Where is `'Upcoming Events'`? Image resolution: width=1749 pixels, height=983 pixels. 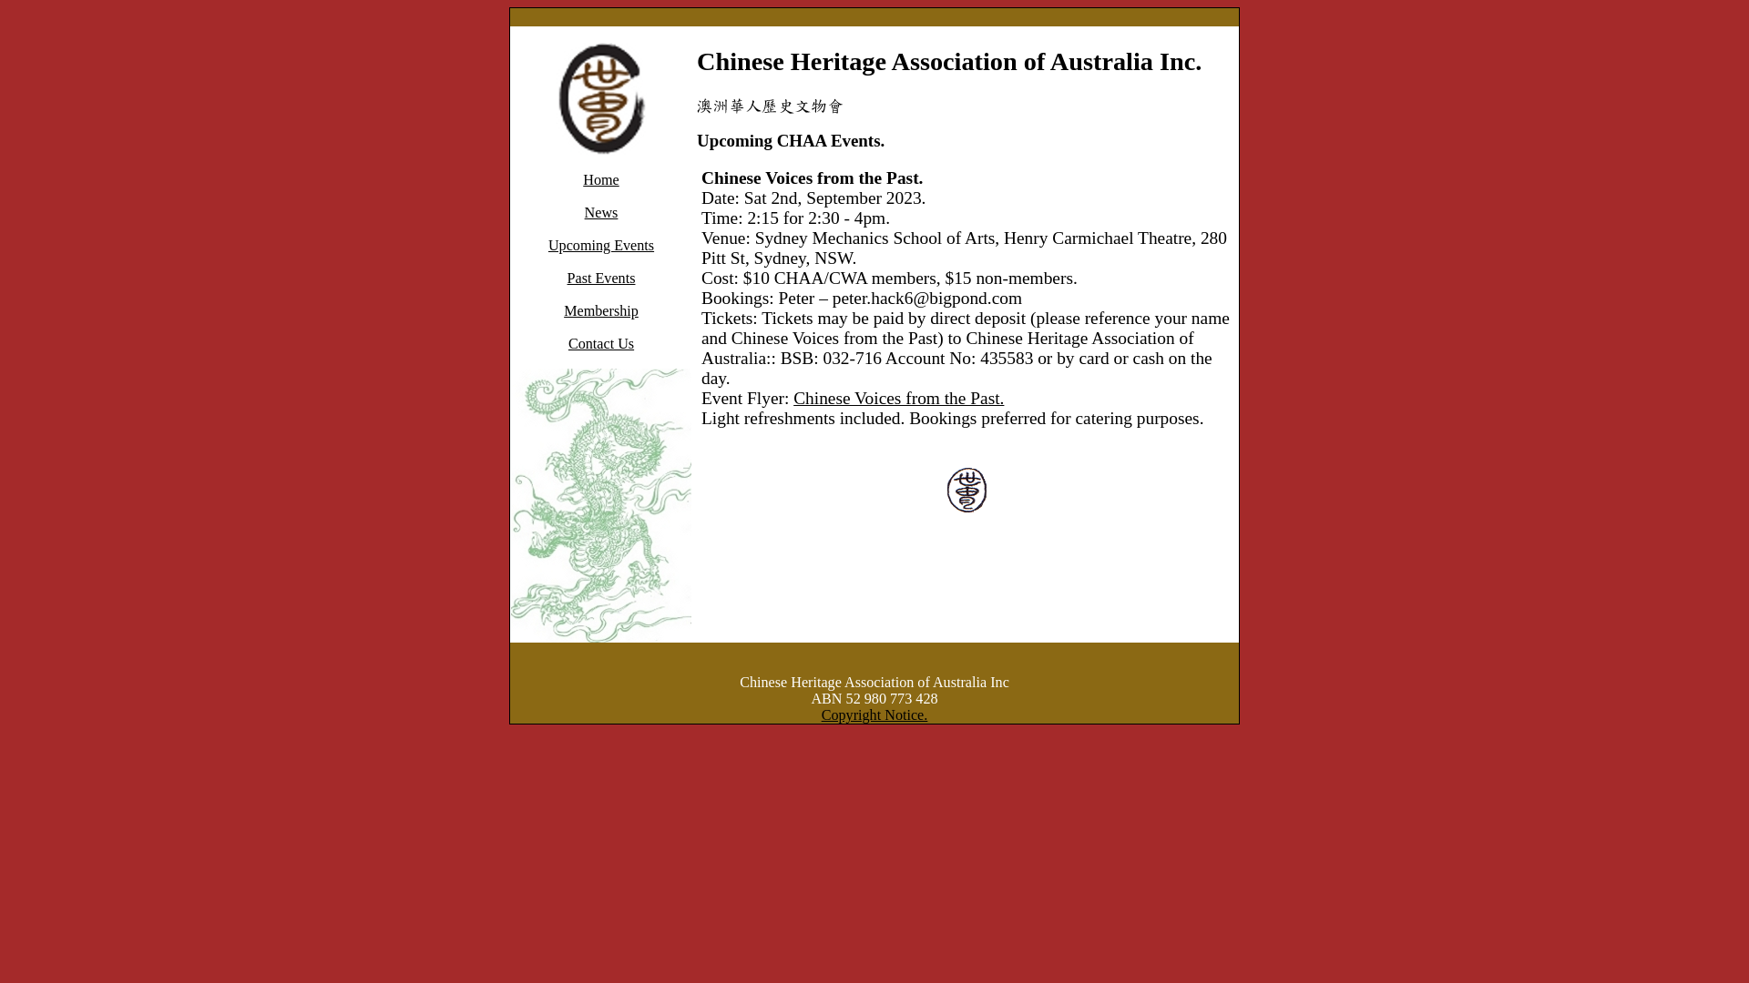
'Upcoming Events' is located at coordinates (601, 244).